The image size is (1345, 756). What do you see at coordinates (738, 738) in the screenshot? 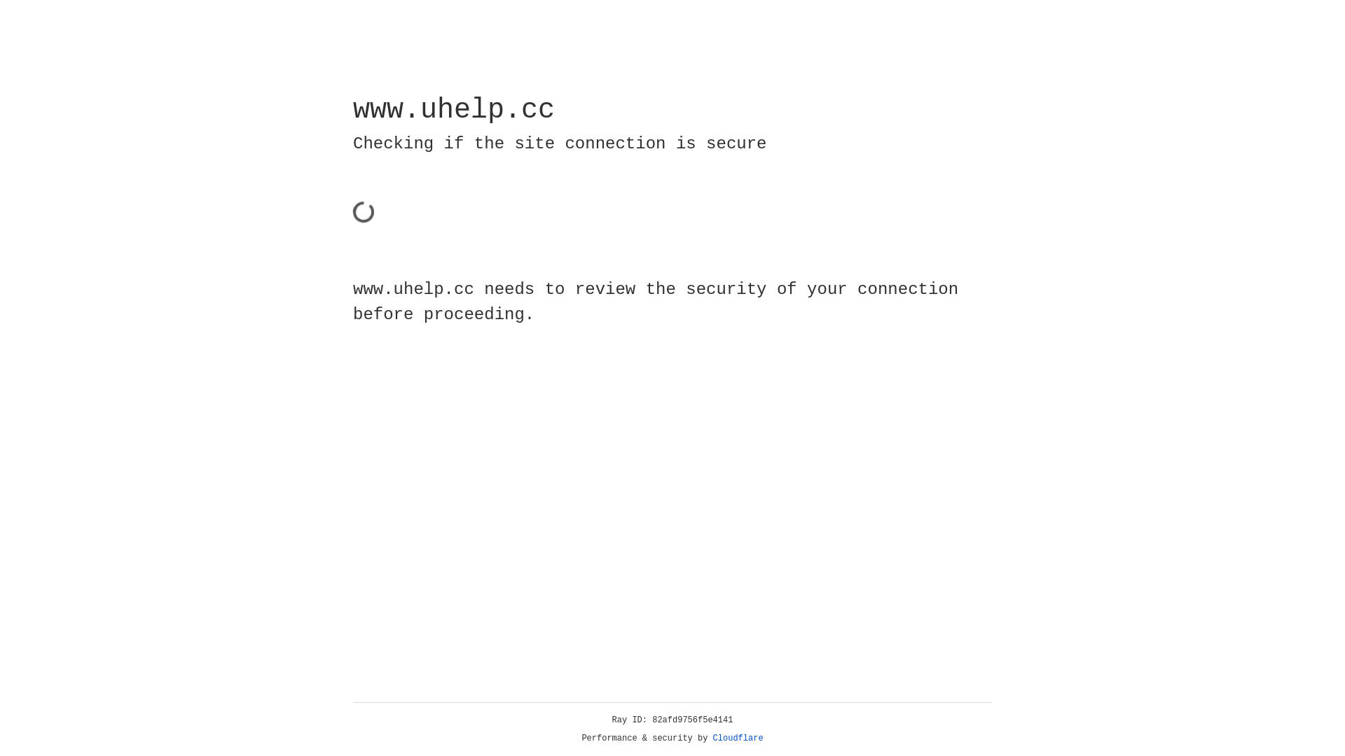
I see `'Cloudflare'` at bounding box center [738, 738].